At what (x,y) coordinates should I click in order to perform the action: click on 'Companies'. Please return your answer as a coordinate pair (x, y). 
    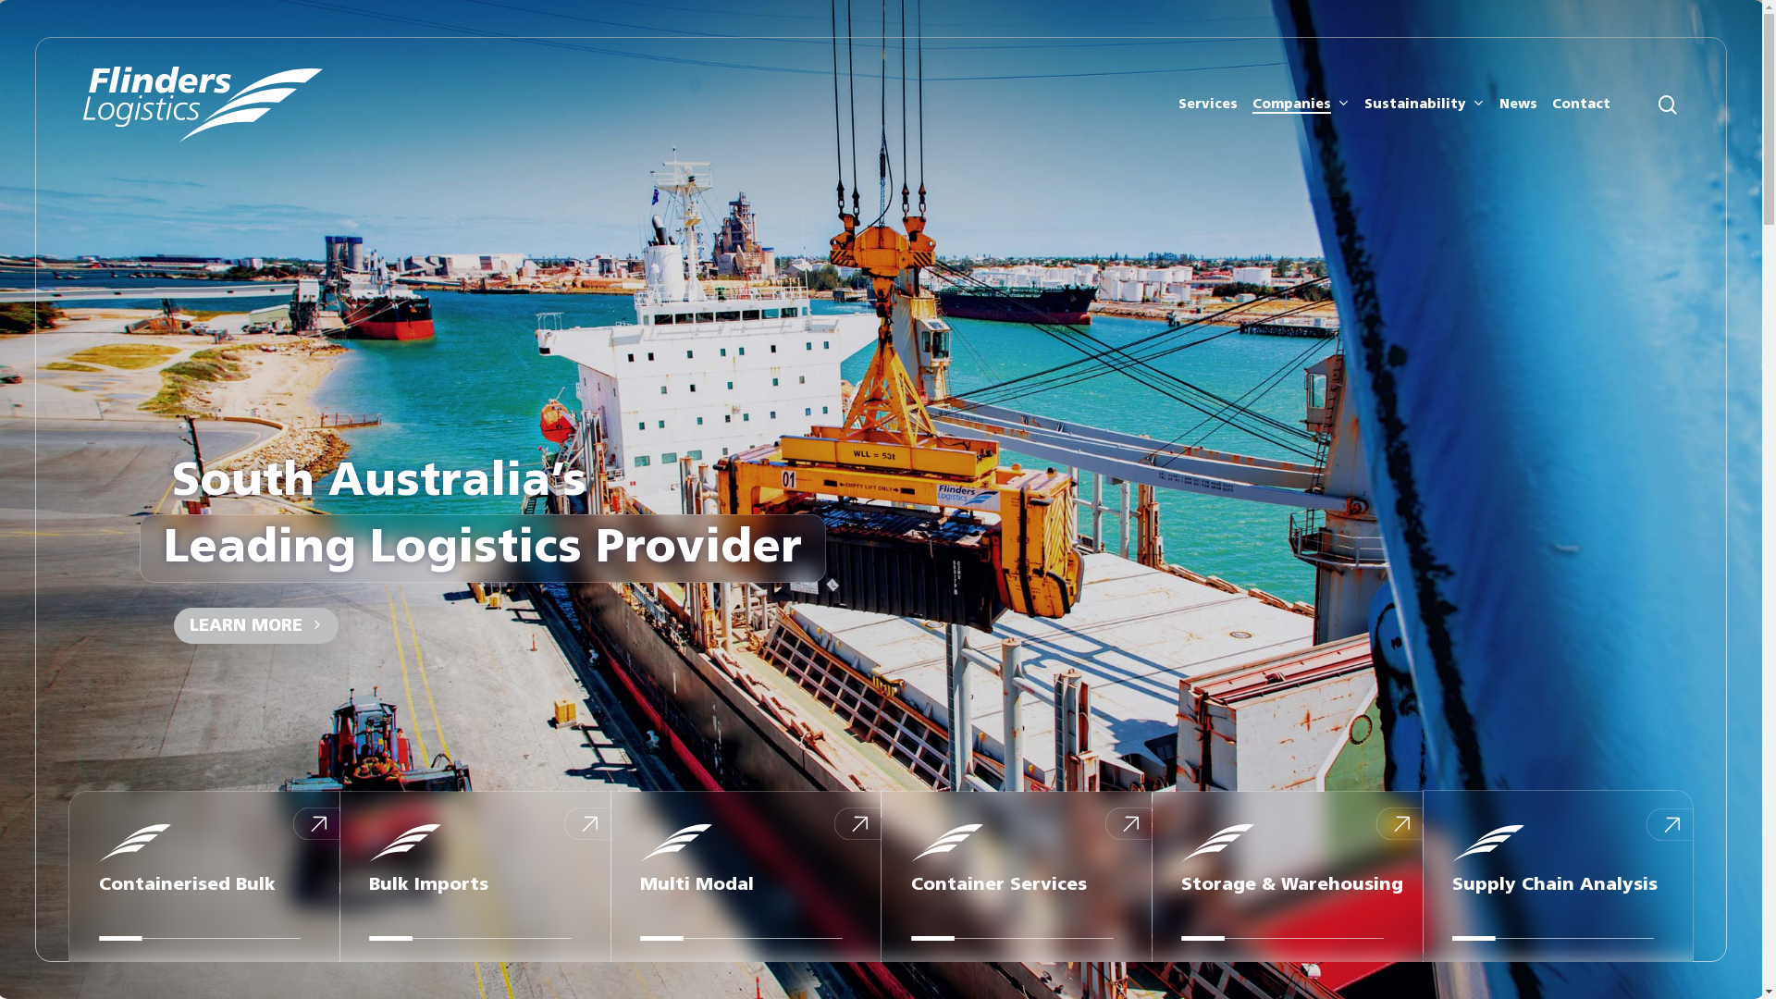
    Looking at the image, I should click on (1300, 104).